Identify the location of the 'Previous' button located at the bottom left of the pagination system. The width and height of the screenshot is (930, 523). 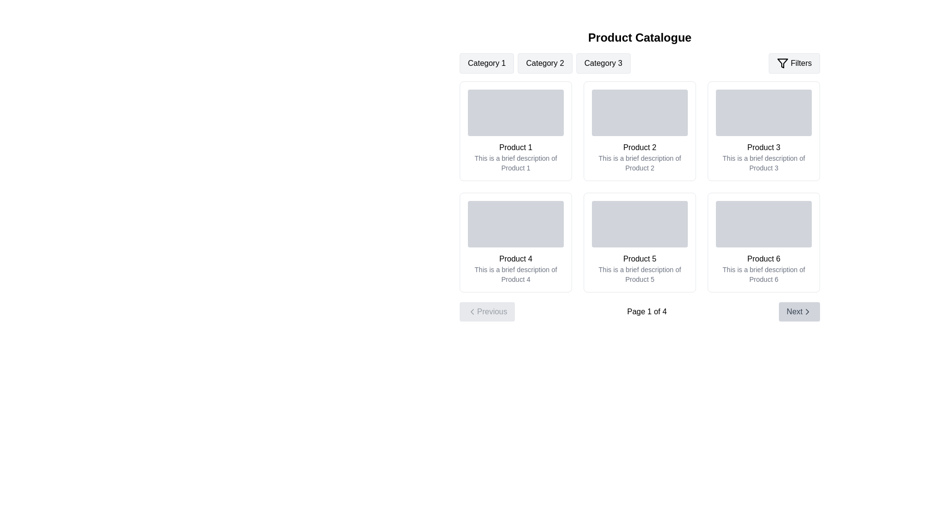
(487, 312).